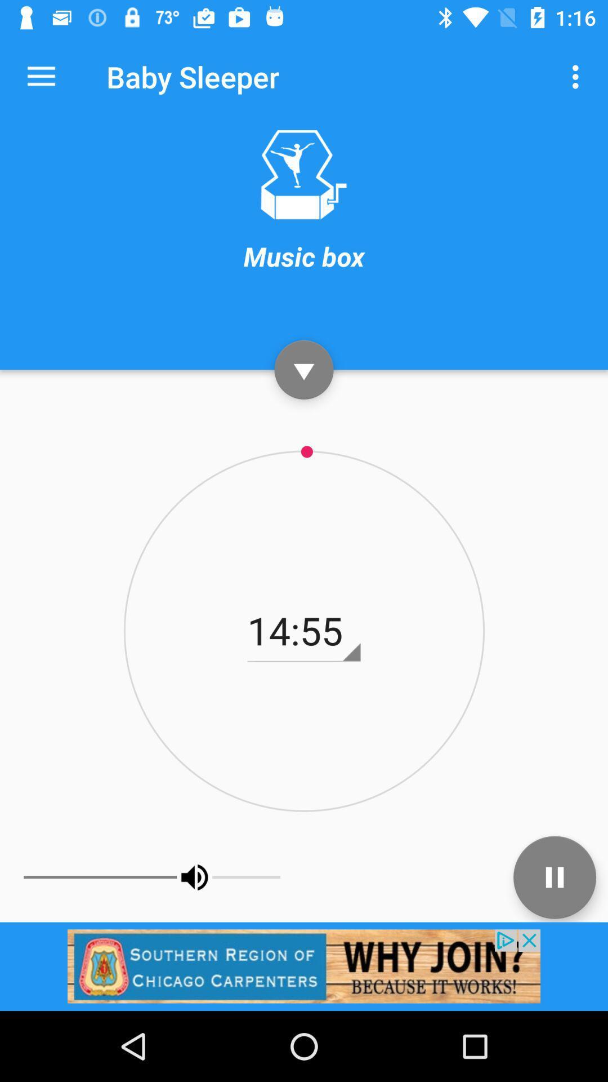 Image resolution: width=608 pixels, height=1082 pixels. What do you see at coordinates (303, 174) in the screenshot?
I see `choose a different type of music` at bounding box center [303, 174].